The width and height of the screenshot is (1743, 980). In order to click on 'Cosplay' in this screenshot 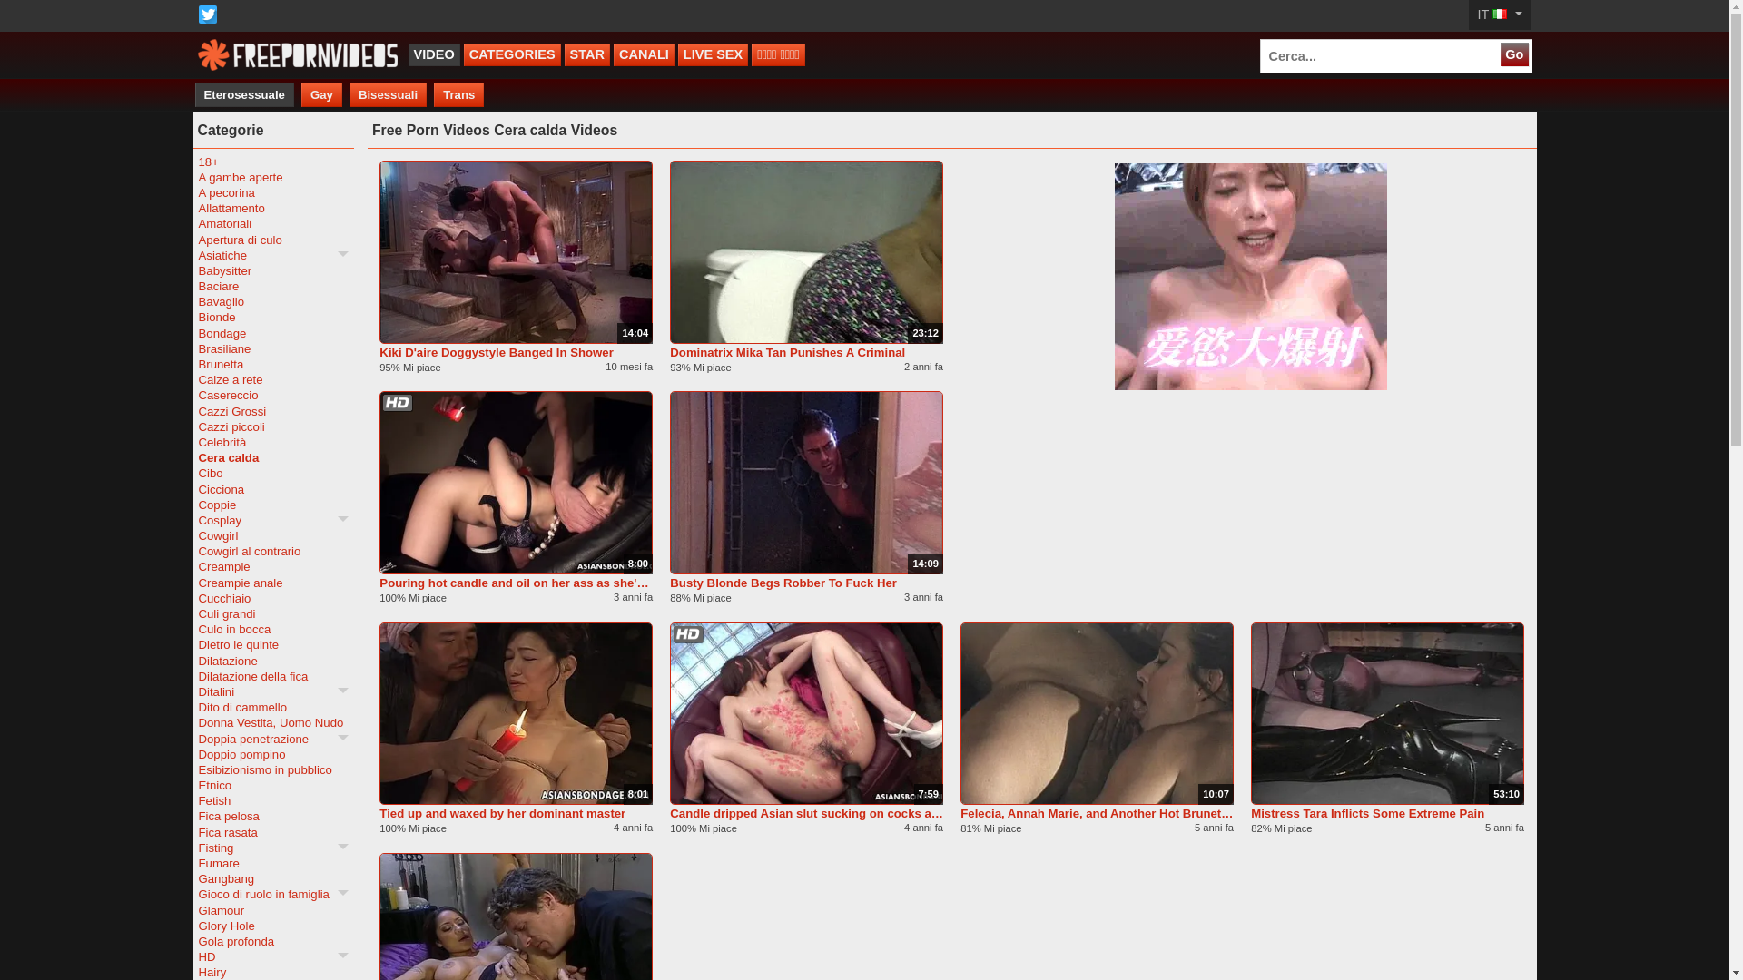, I will do `click(272, 520)`.